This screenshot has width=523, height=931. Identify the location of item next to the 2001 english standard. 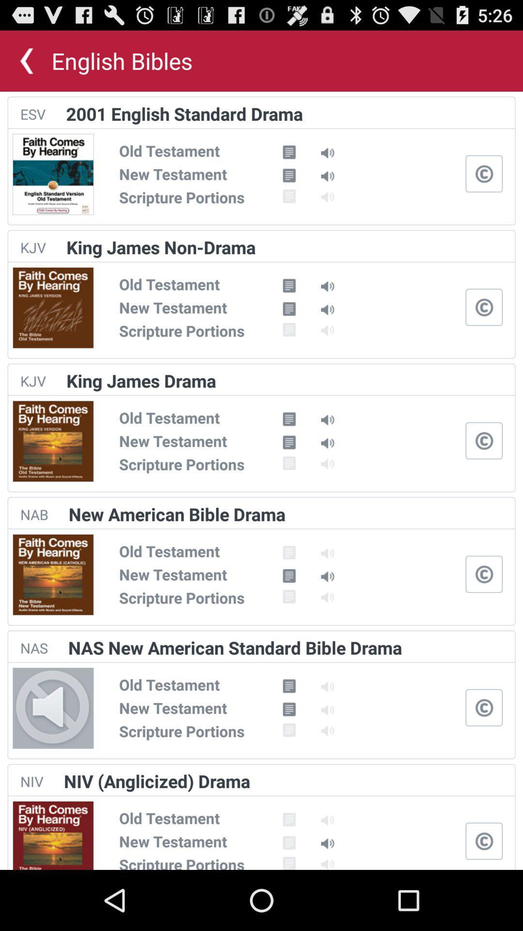
(32, 114).